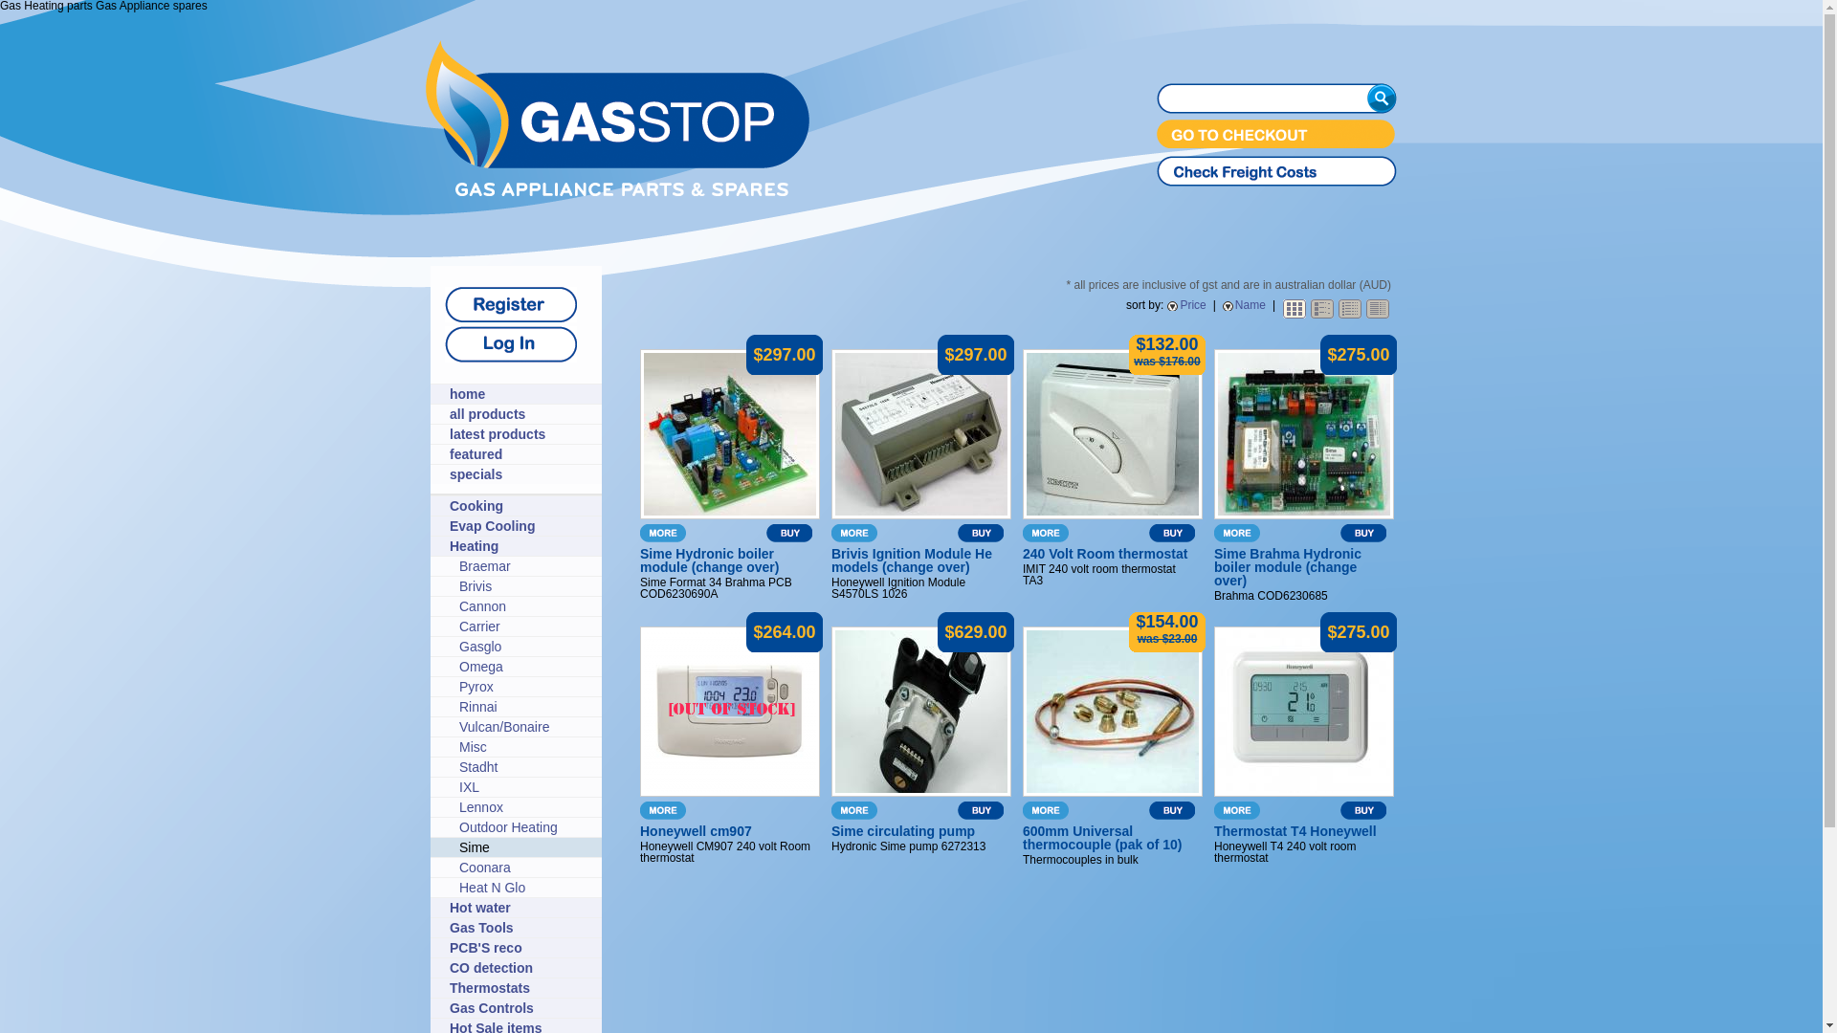 This screenshot has width=1837, height=1033. Describe the element at coordinates (525, 626) in the screenshot. I see `'Carrier'` at that location.